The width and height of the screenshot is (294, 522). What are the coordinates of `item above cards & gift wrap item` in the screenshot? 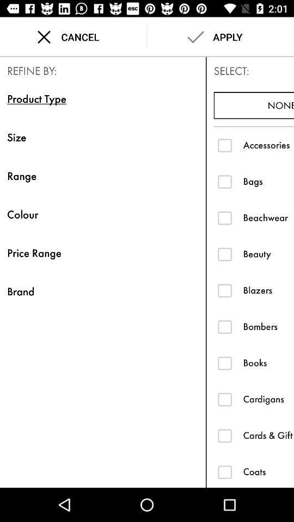 It's located at (268, 399).